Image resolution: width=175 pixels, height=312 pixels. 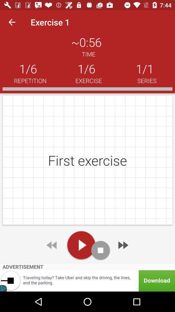 What do you see at coordinates (100, 250) in the screenshot?
I see `pause exercise` at bounding box center [100, 250].